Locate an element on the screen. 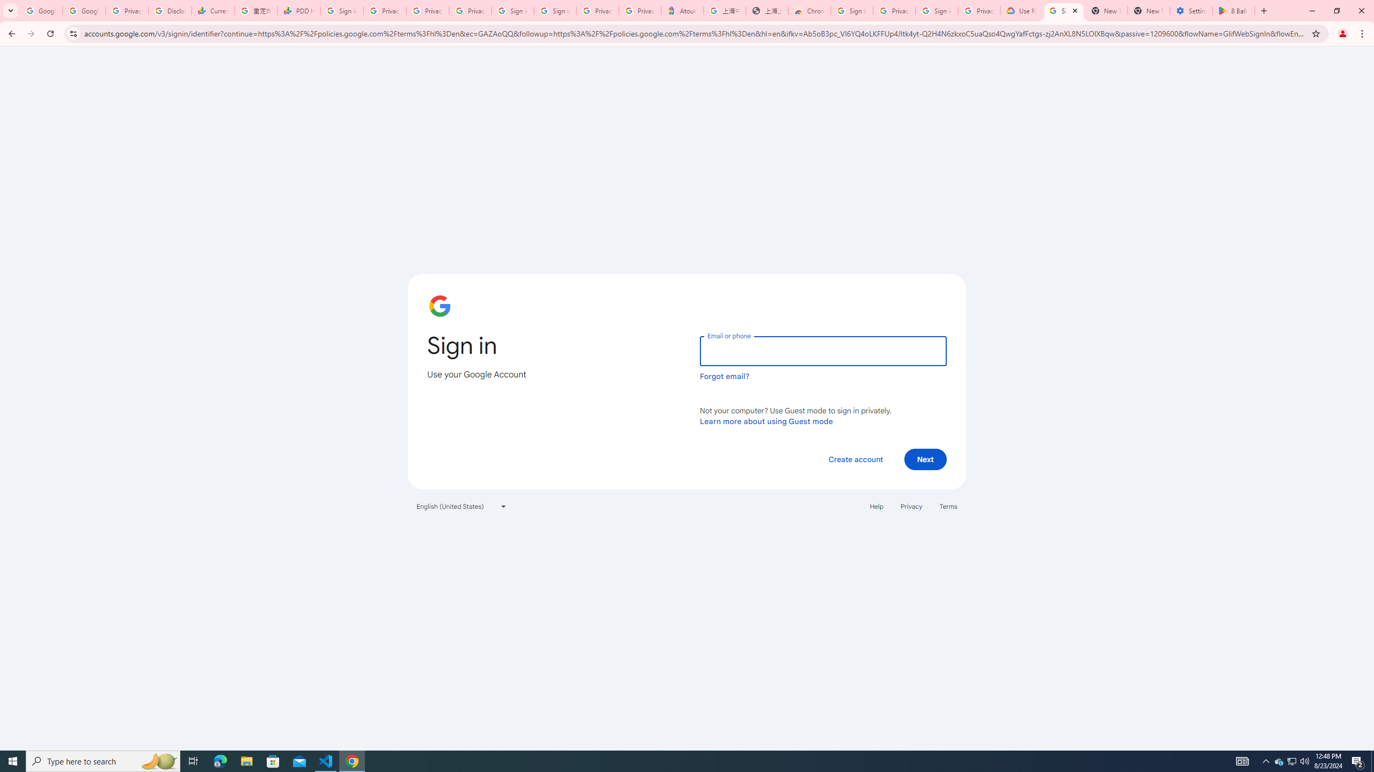  'Atour Hotel - Google hotels' is located at coordinates (682, 10).